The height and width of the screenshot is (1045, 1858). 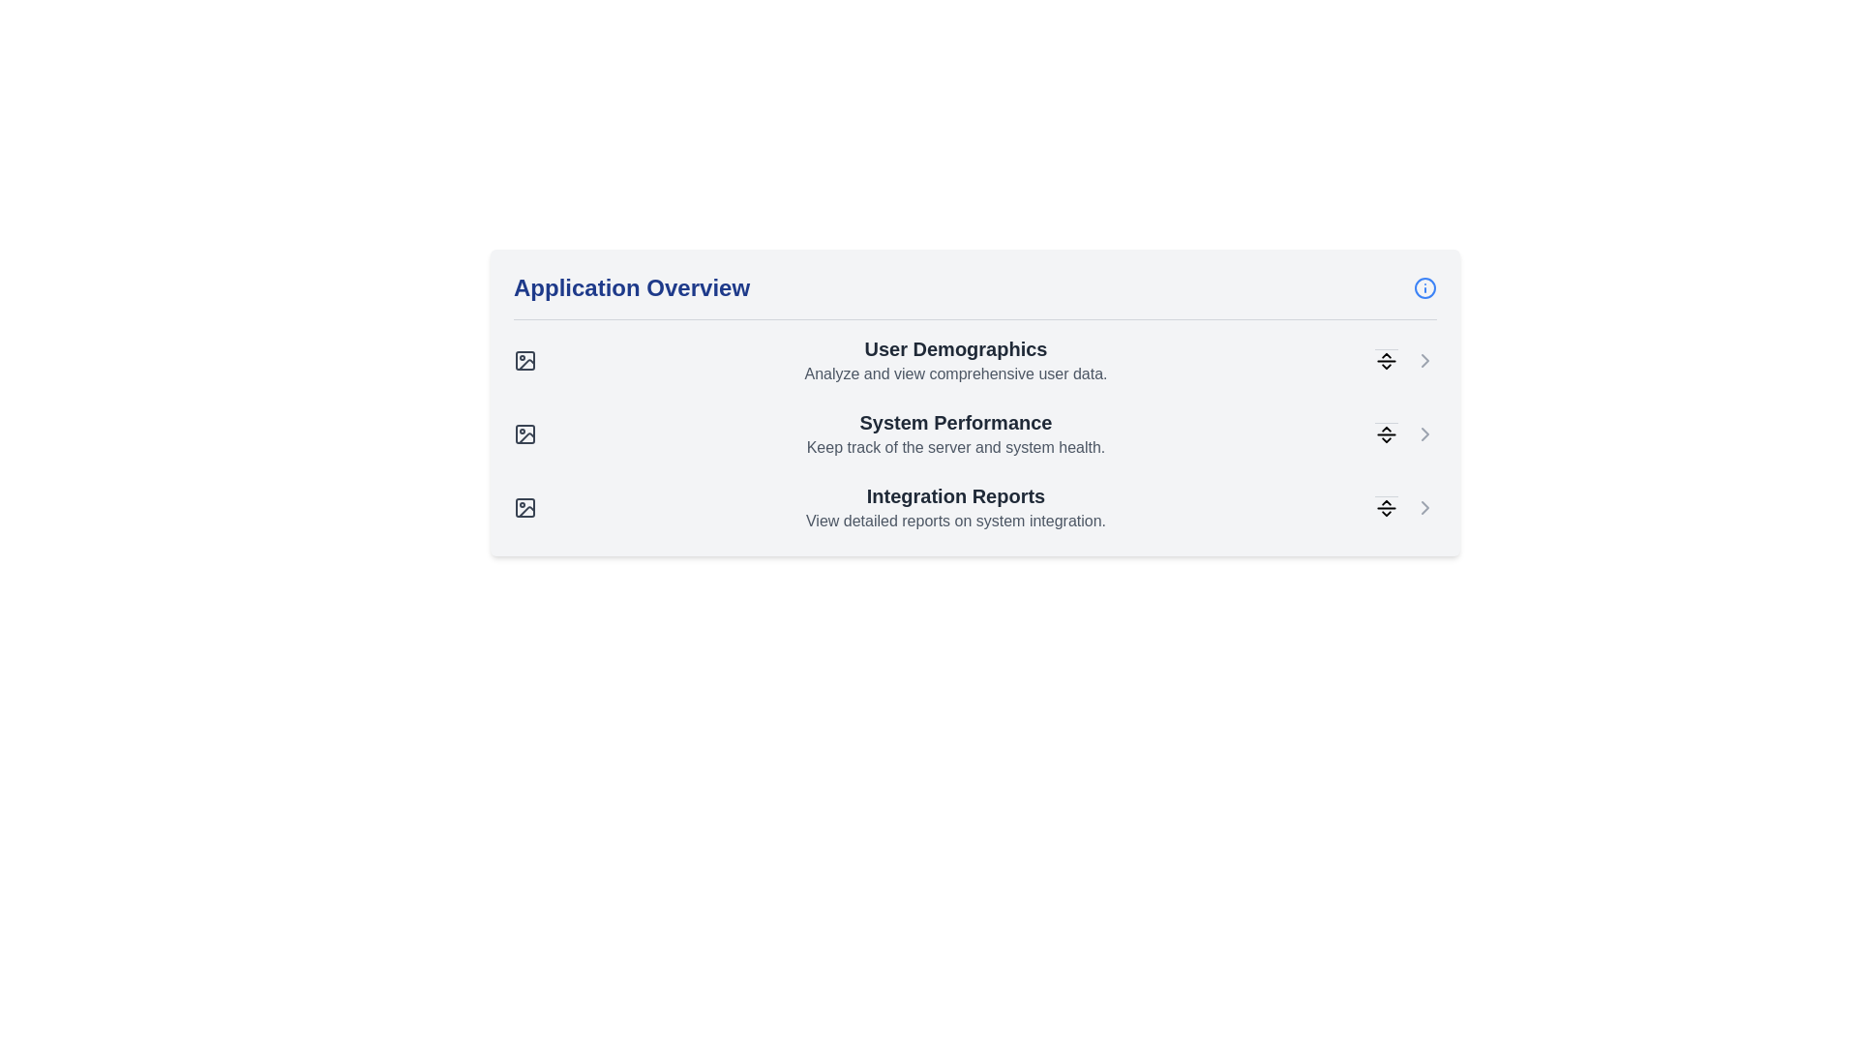 What do you see at coordinates (1386, 506) in the screenshot?
I see `the toggle switch separator icon located on the far right side of the third row in the 'Integration Reports' section` at bounding box center [1386, 506].